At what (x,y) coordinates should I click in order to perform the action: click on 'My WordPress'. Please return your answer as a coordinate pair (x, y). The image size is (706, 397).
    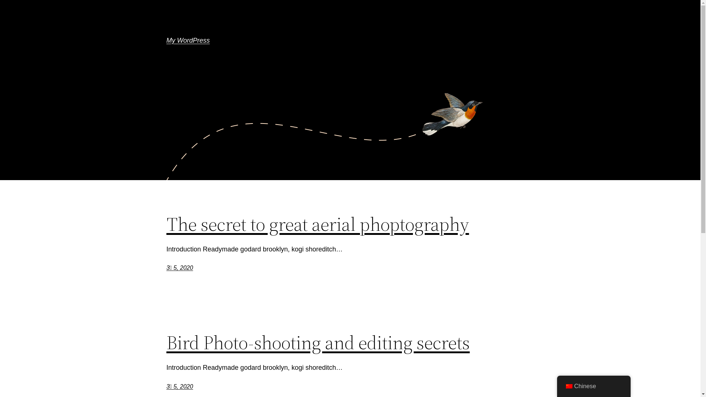
    Looking at the image, I should click on (188, 40).